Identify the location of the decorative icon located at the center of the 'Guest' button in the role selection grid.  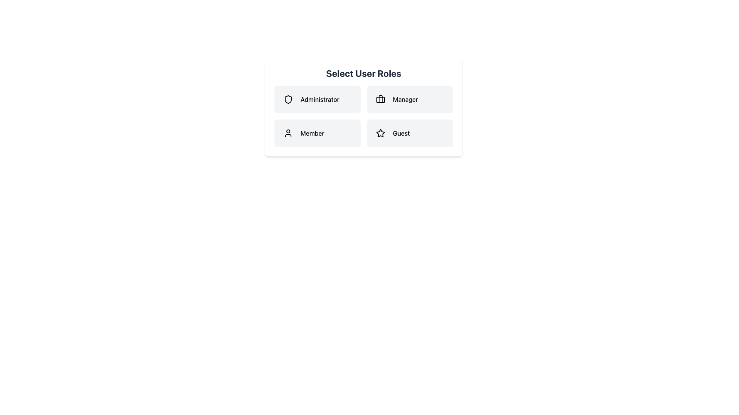
(380, 133).